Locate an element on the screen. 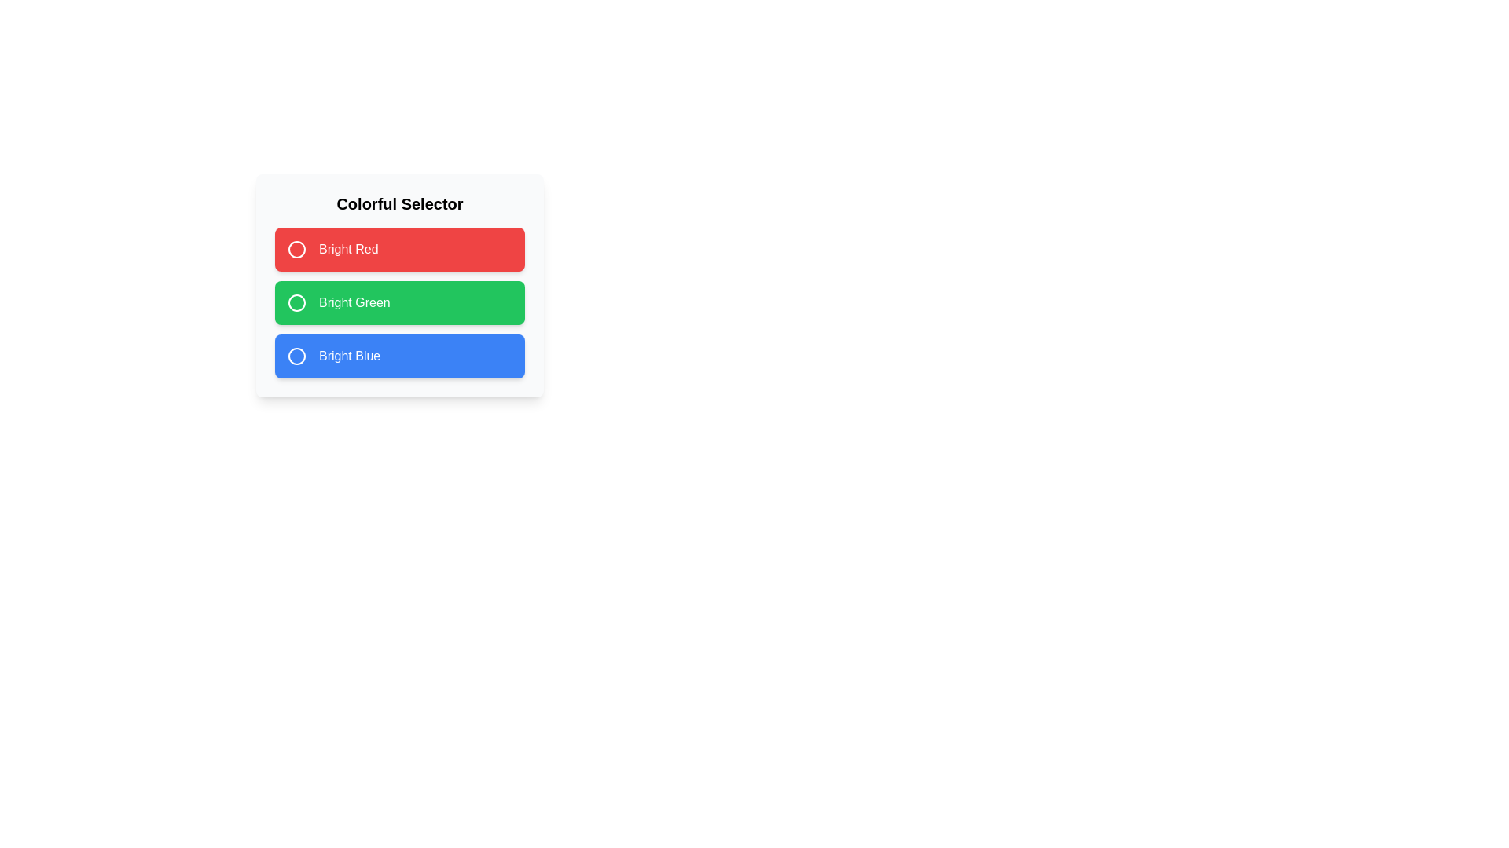  the circular decoration graphic in the third option of the vertical list within the blue box labeled 'Bright Blue' is located at coordinates (297, 356).